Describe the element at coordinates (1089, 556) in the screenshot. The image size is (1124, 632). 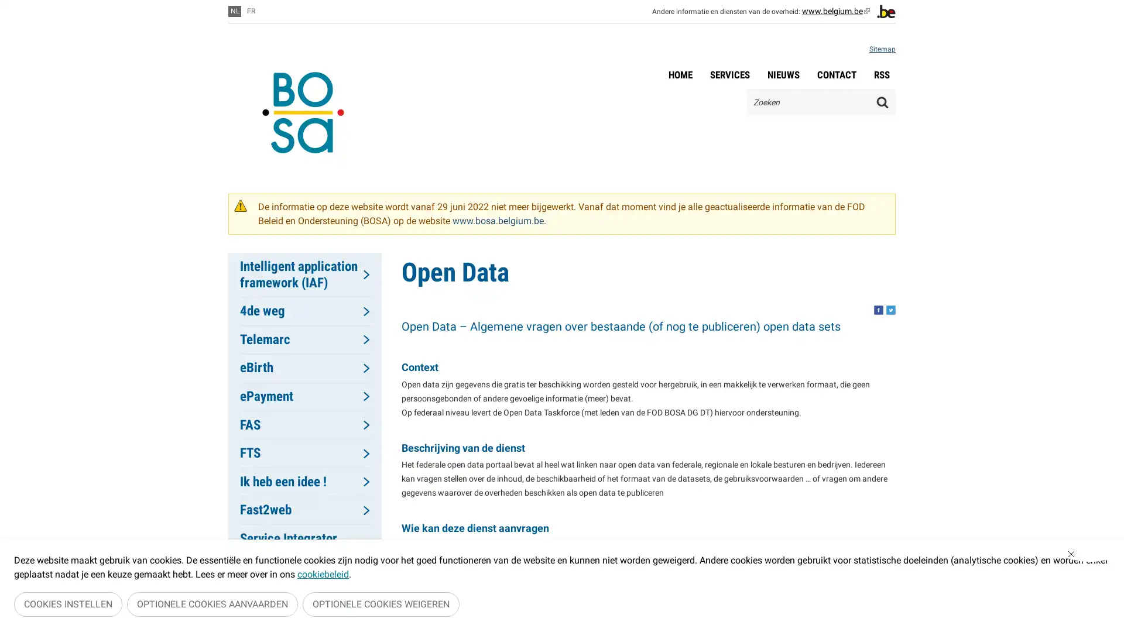
I see `Sluiten` at that location.